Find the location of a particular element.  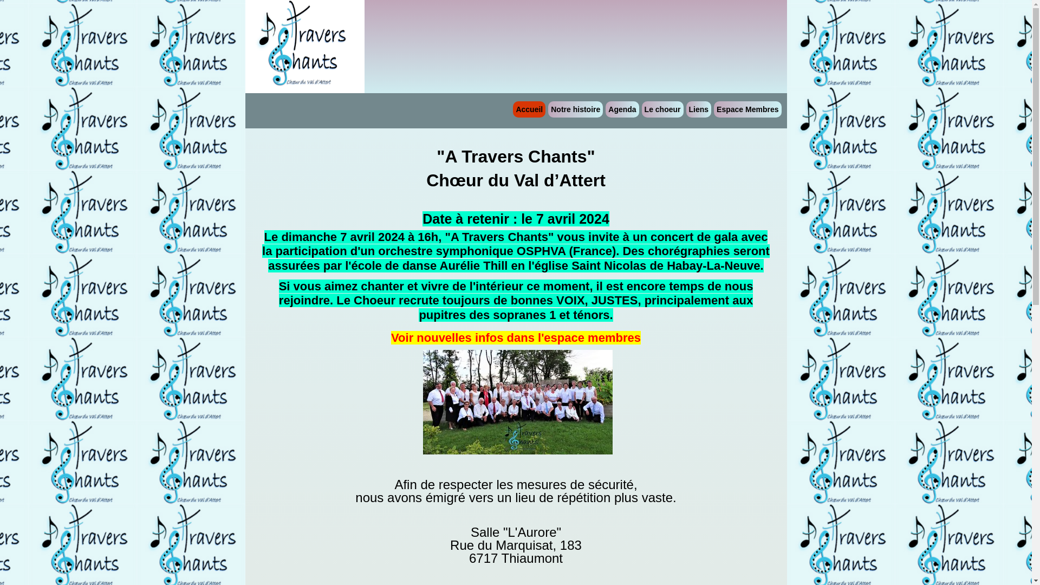

'Liens' is located at coordinates (699, 109).